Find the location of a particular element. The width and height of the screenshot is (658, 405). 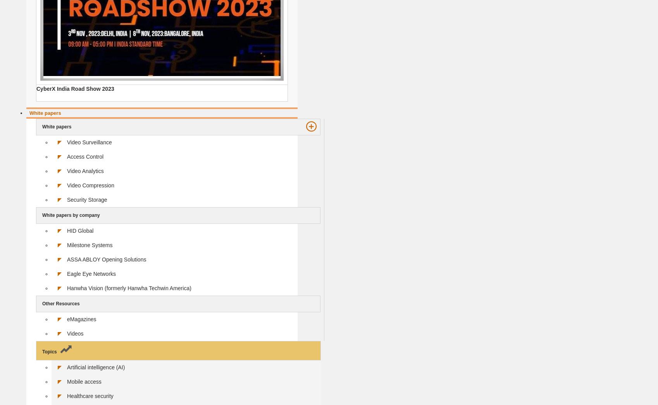

'Videos' is located at coordinates (75, 334).